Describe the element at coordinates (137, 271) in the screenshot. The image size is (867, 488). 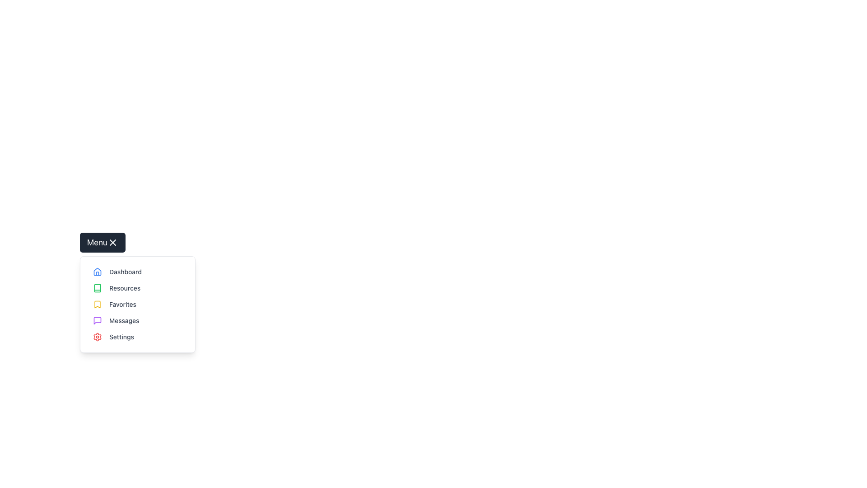
I see `the 'Dashboard' menu item, which features a blue house-shaped icon on the left and gray text` at that location.